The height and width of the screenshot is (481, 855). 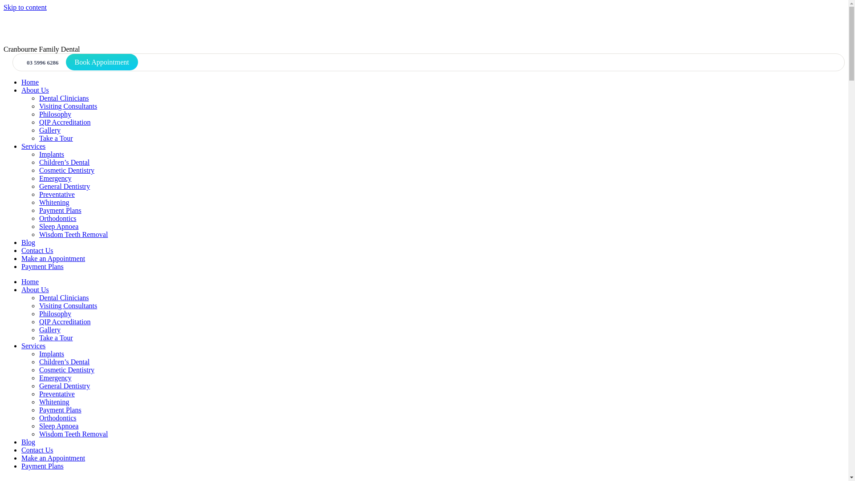 I want to click on 'Sleep Apnoea', so click(x=58, y=425).